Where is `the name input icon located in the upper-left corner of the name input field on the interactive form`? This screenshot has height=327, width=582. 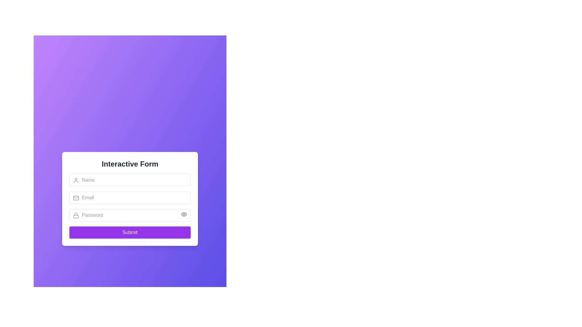 the name input icon located in the upper-left corner of the name input field on the interactive form is located at coordinates (75, 180).